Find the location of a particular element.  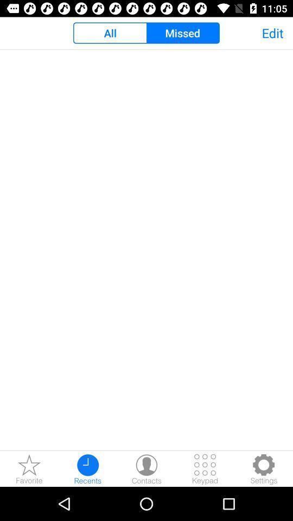

open keypad is located at coordinates (205, 468).